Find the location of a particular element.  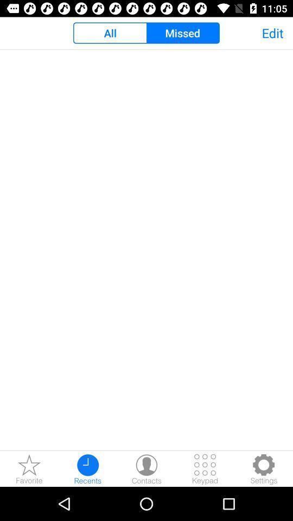

open keypad is located at coordinates (205, 468).